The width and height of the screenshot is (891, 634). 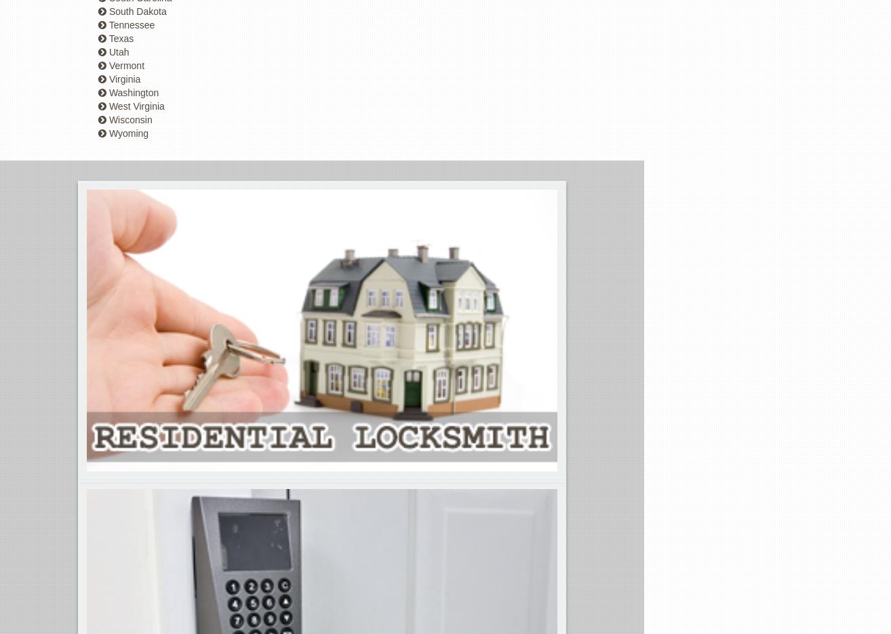 What do you see at coordinates (106, 52) in the screenshot?
I see `'Utah'` at bounding box center [106, 52].